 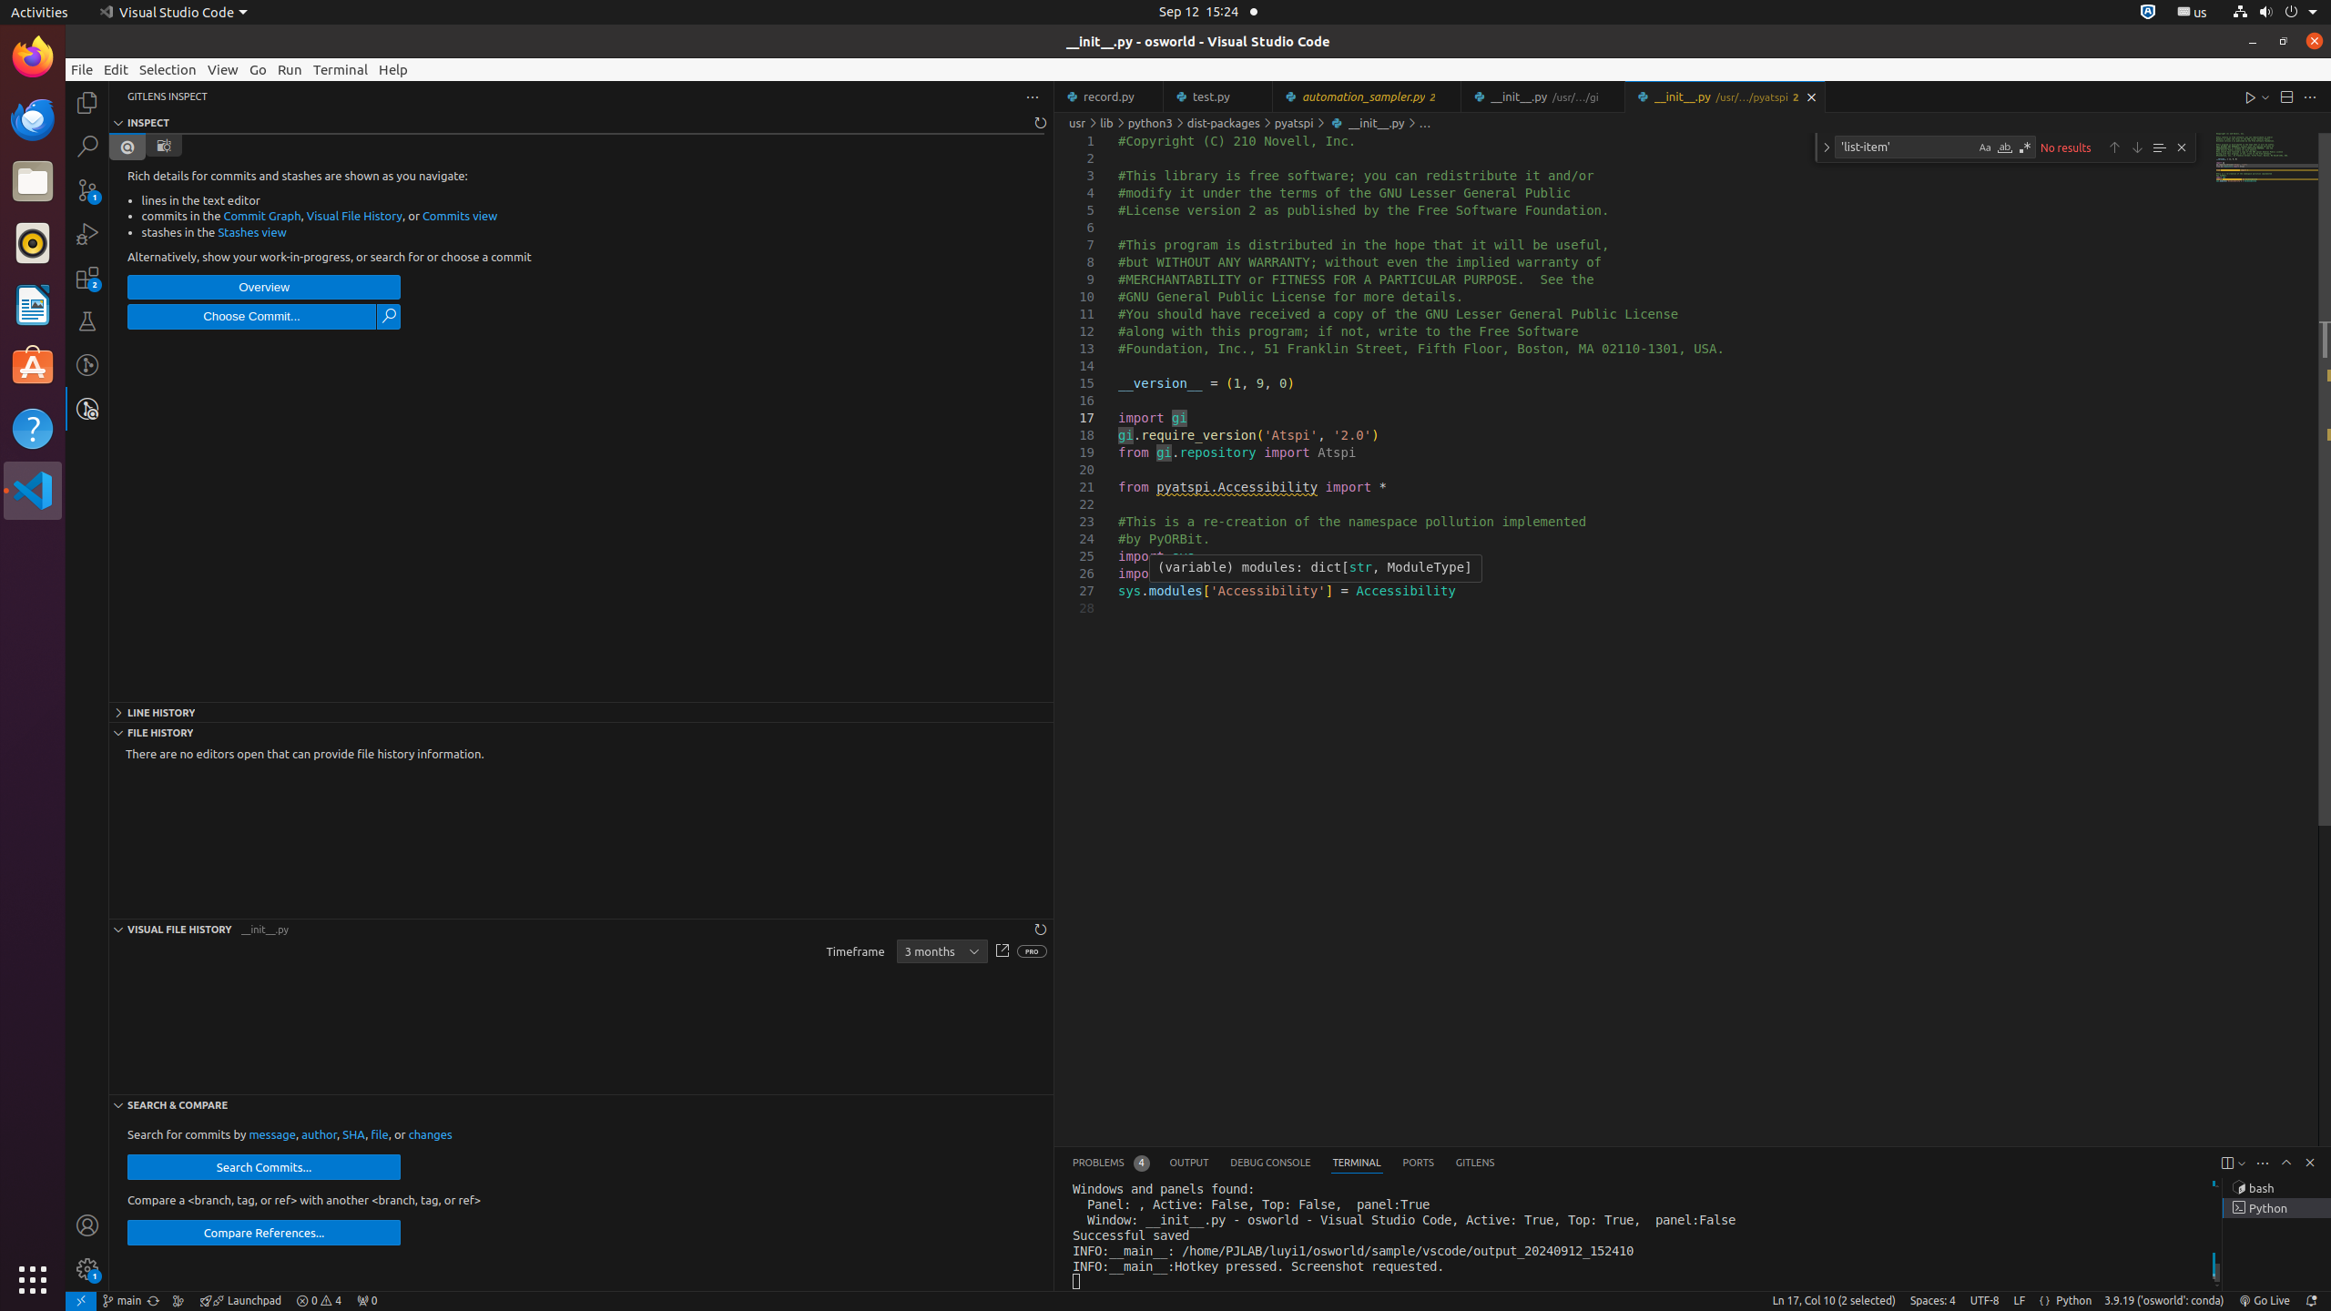 What do you see at coordinates (319, 1300) in the screenshot?
I see `'Warnings: 4'` at bounding box center [319, 1300].